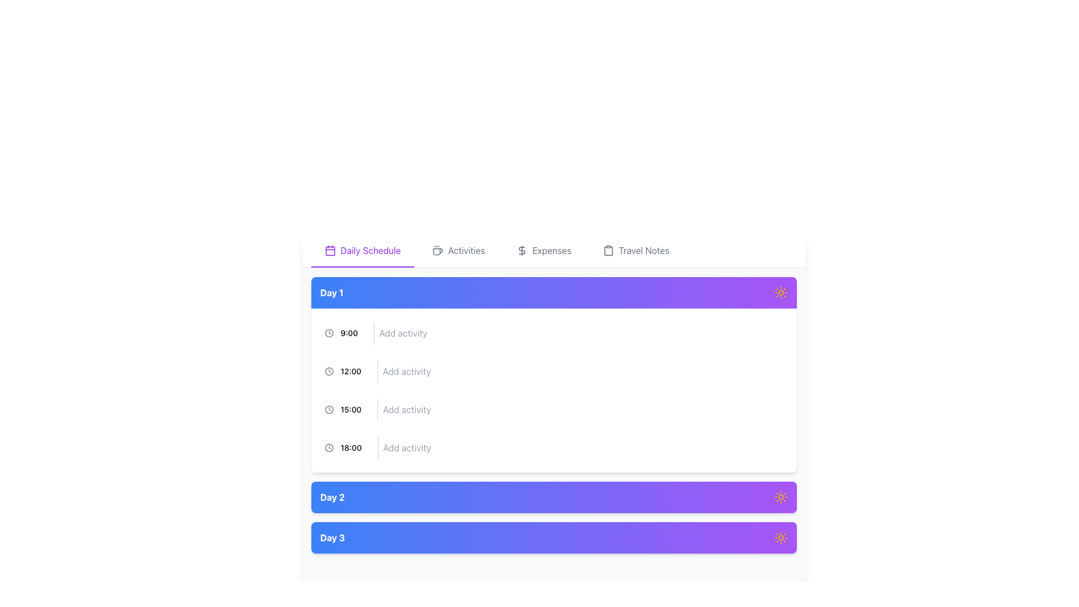 This screenshot has width=1079, height=607. Describe the element at coordinates (437, 250) in the screenshot. I see `the small coffee cup-shaped icon in the 'Activities' tab header, which is styled in gray and located in the central navigation bar` at that location.